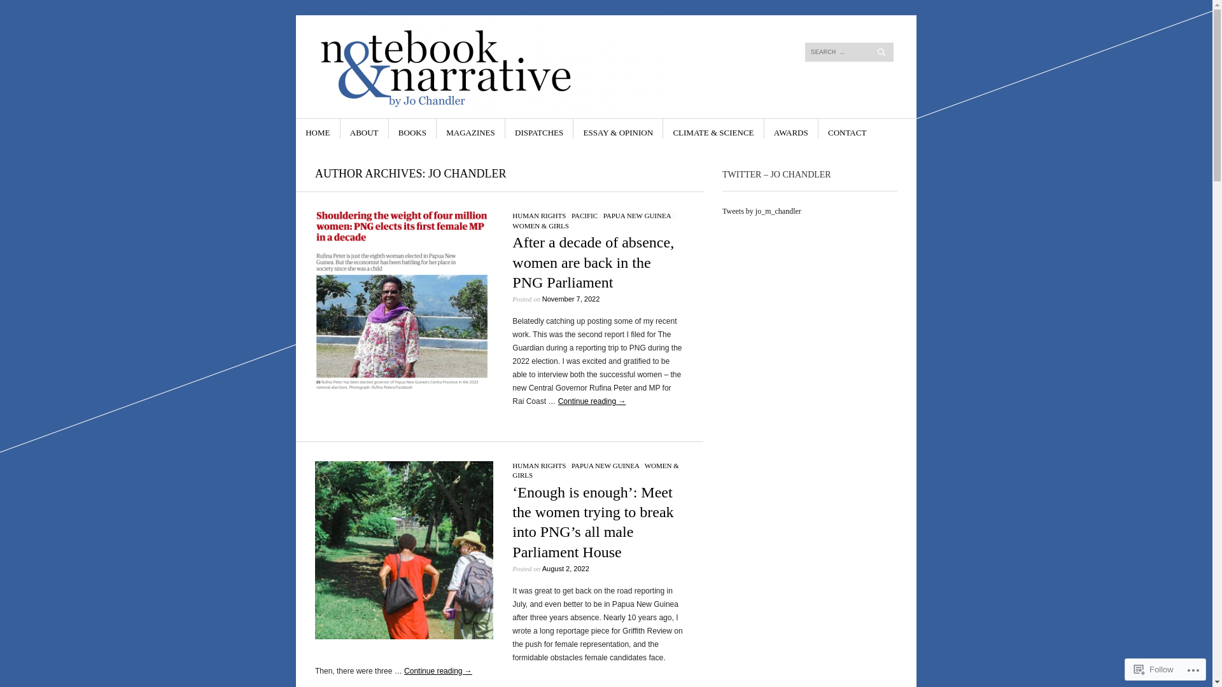  Describe the element at coordinates (618, 128) in the screenshot. I see `'ESSAY & OPINION'` at that location.